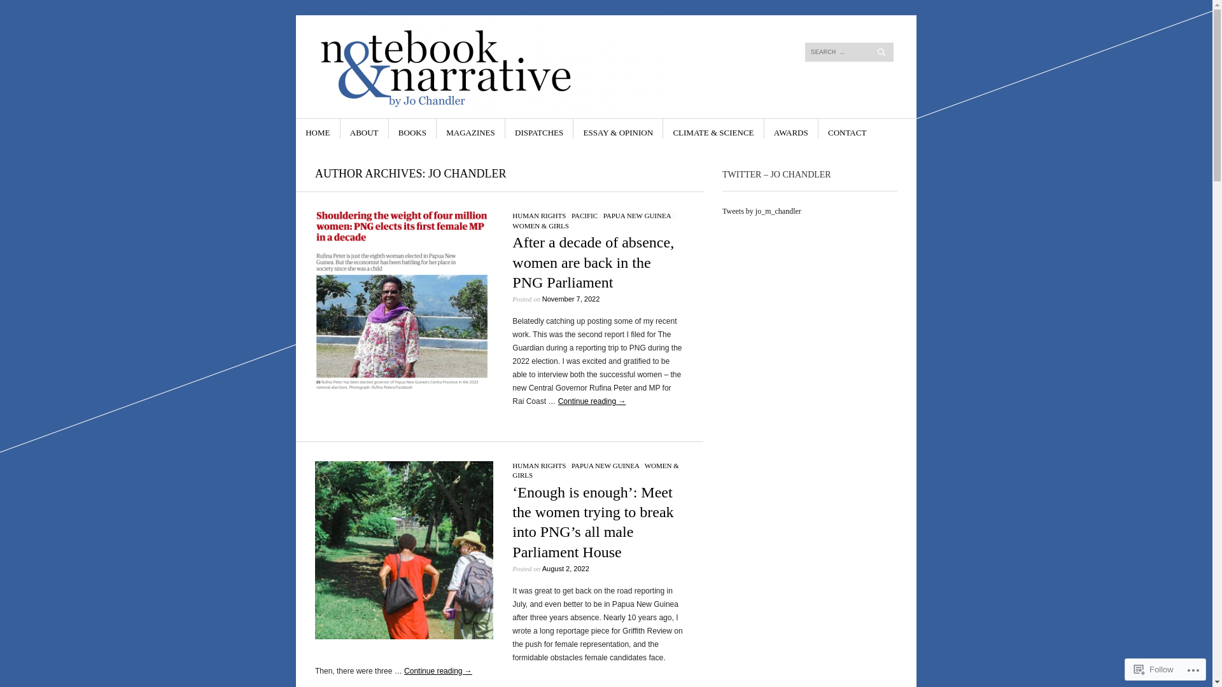  Describe the element at coordinates (618, 128) in the screenshot. I see `'ESSAY & OPINION'` at that location.